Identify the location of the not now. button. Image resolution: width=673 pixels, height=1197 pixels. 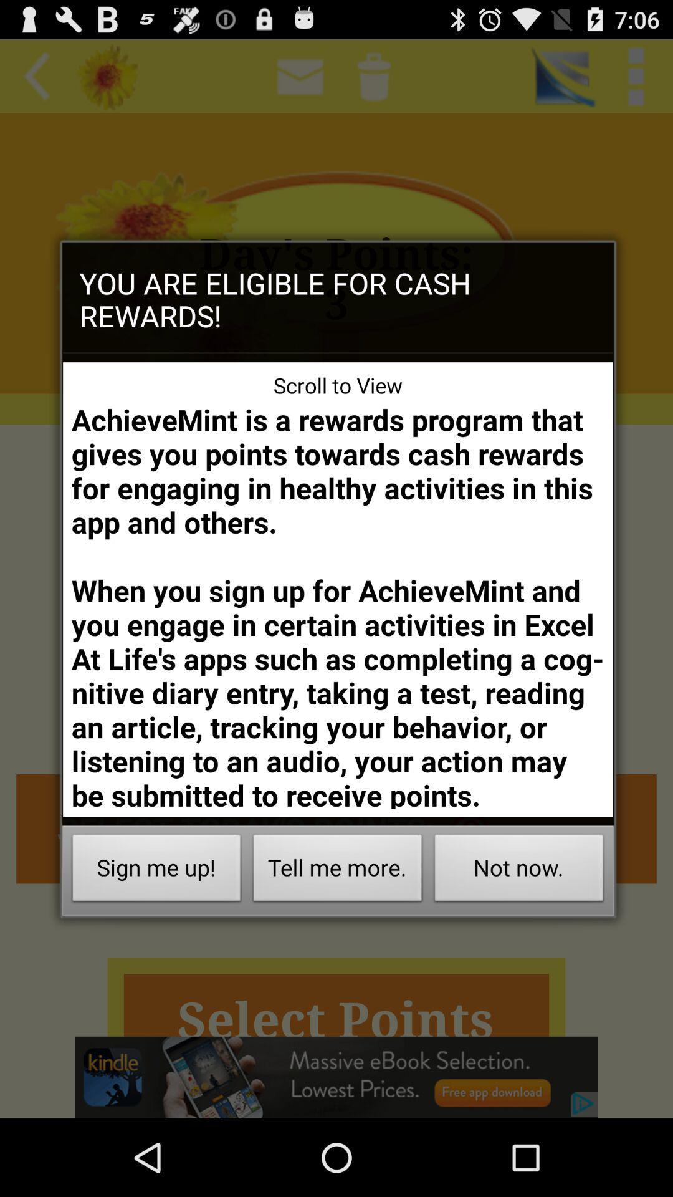
(519, 870).